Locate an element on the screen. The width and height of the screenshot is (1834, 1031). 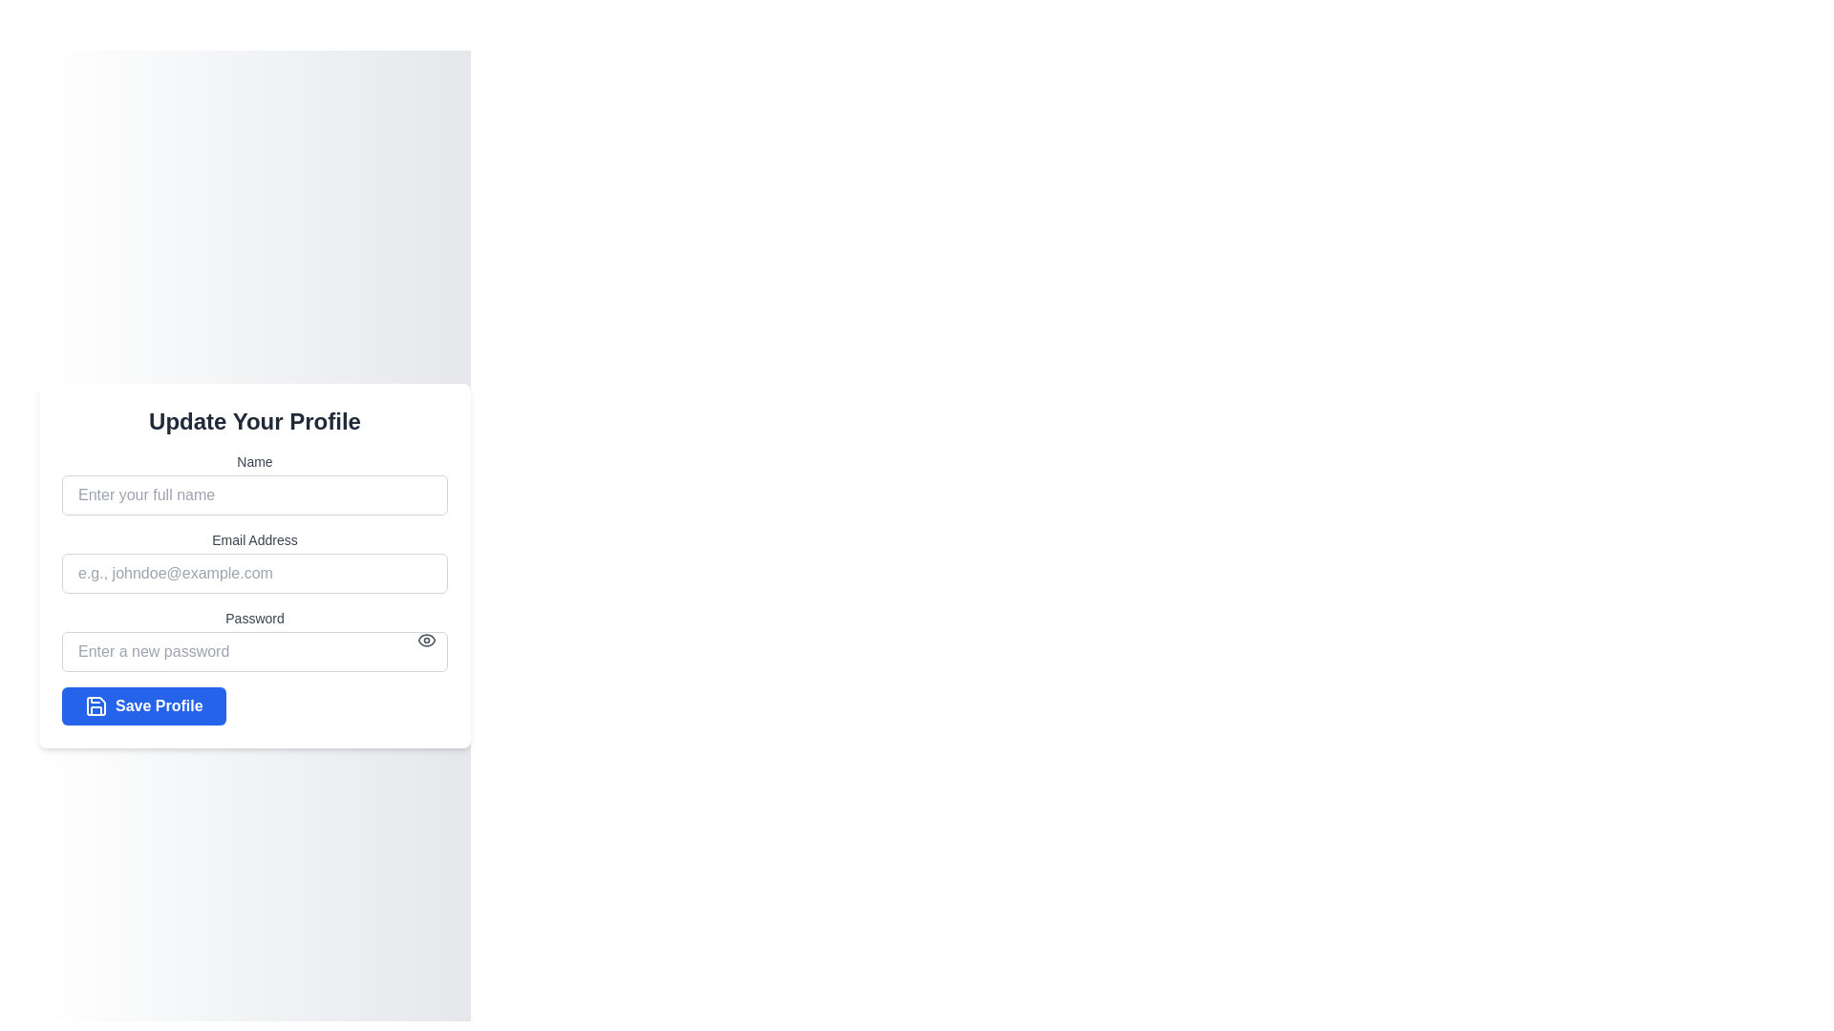
the Email input field labeled 'Email Address', which is styled with a rectangular white background and placeholder text 'e.g., johndoe@example.com' is located at coordinates (254, 561).